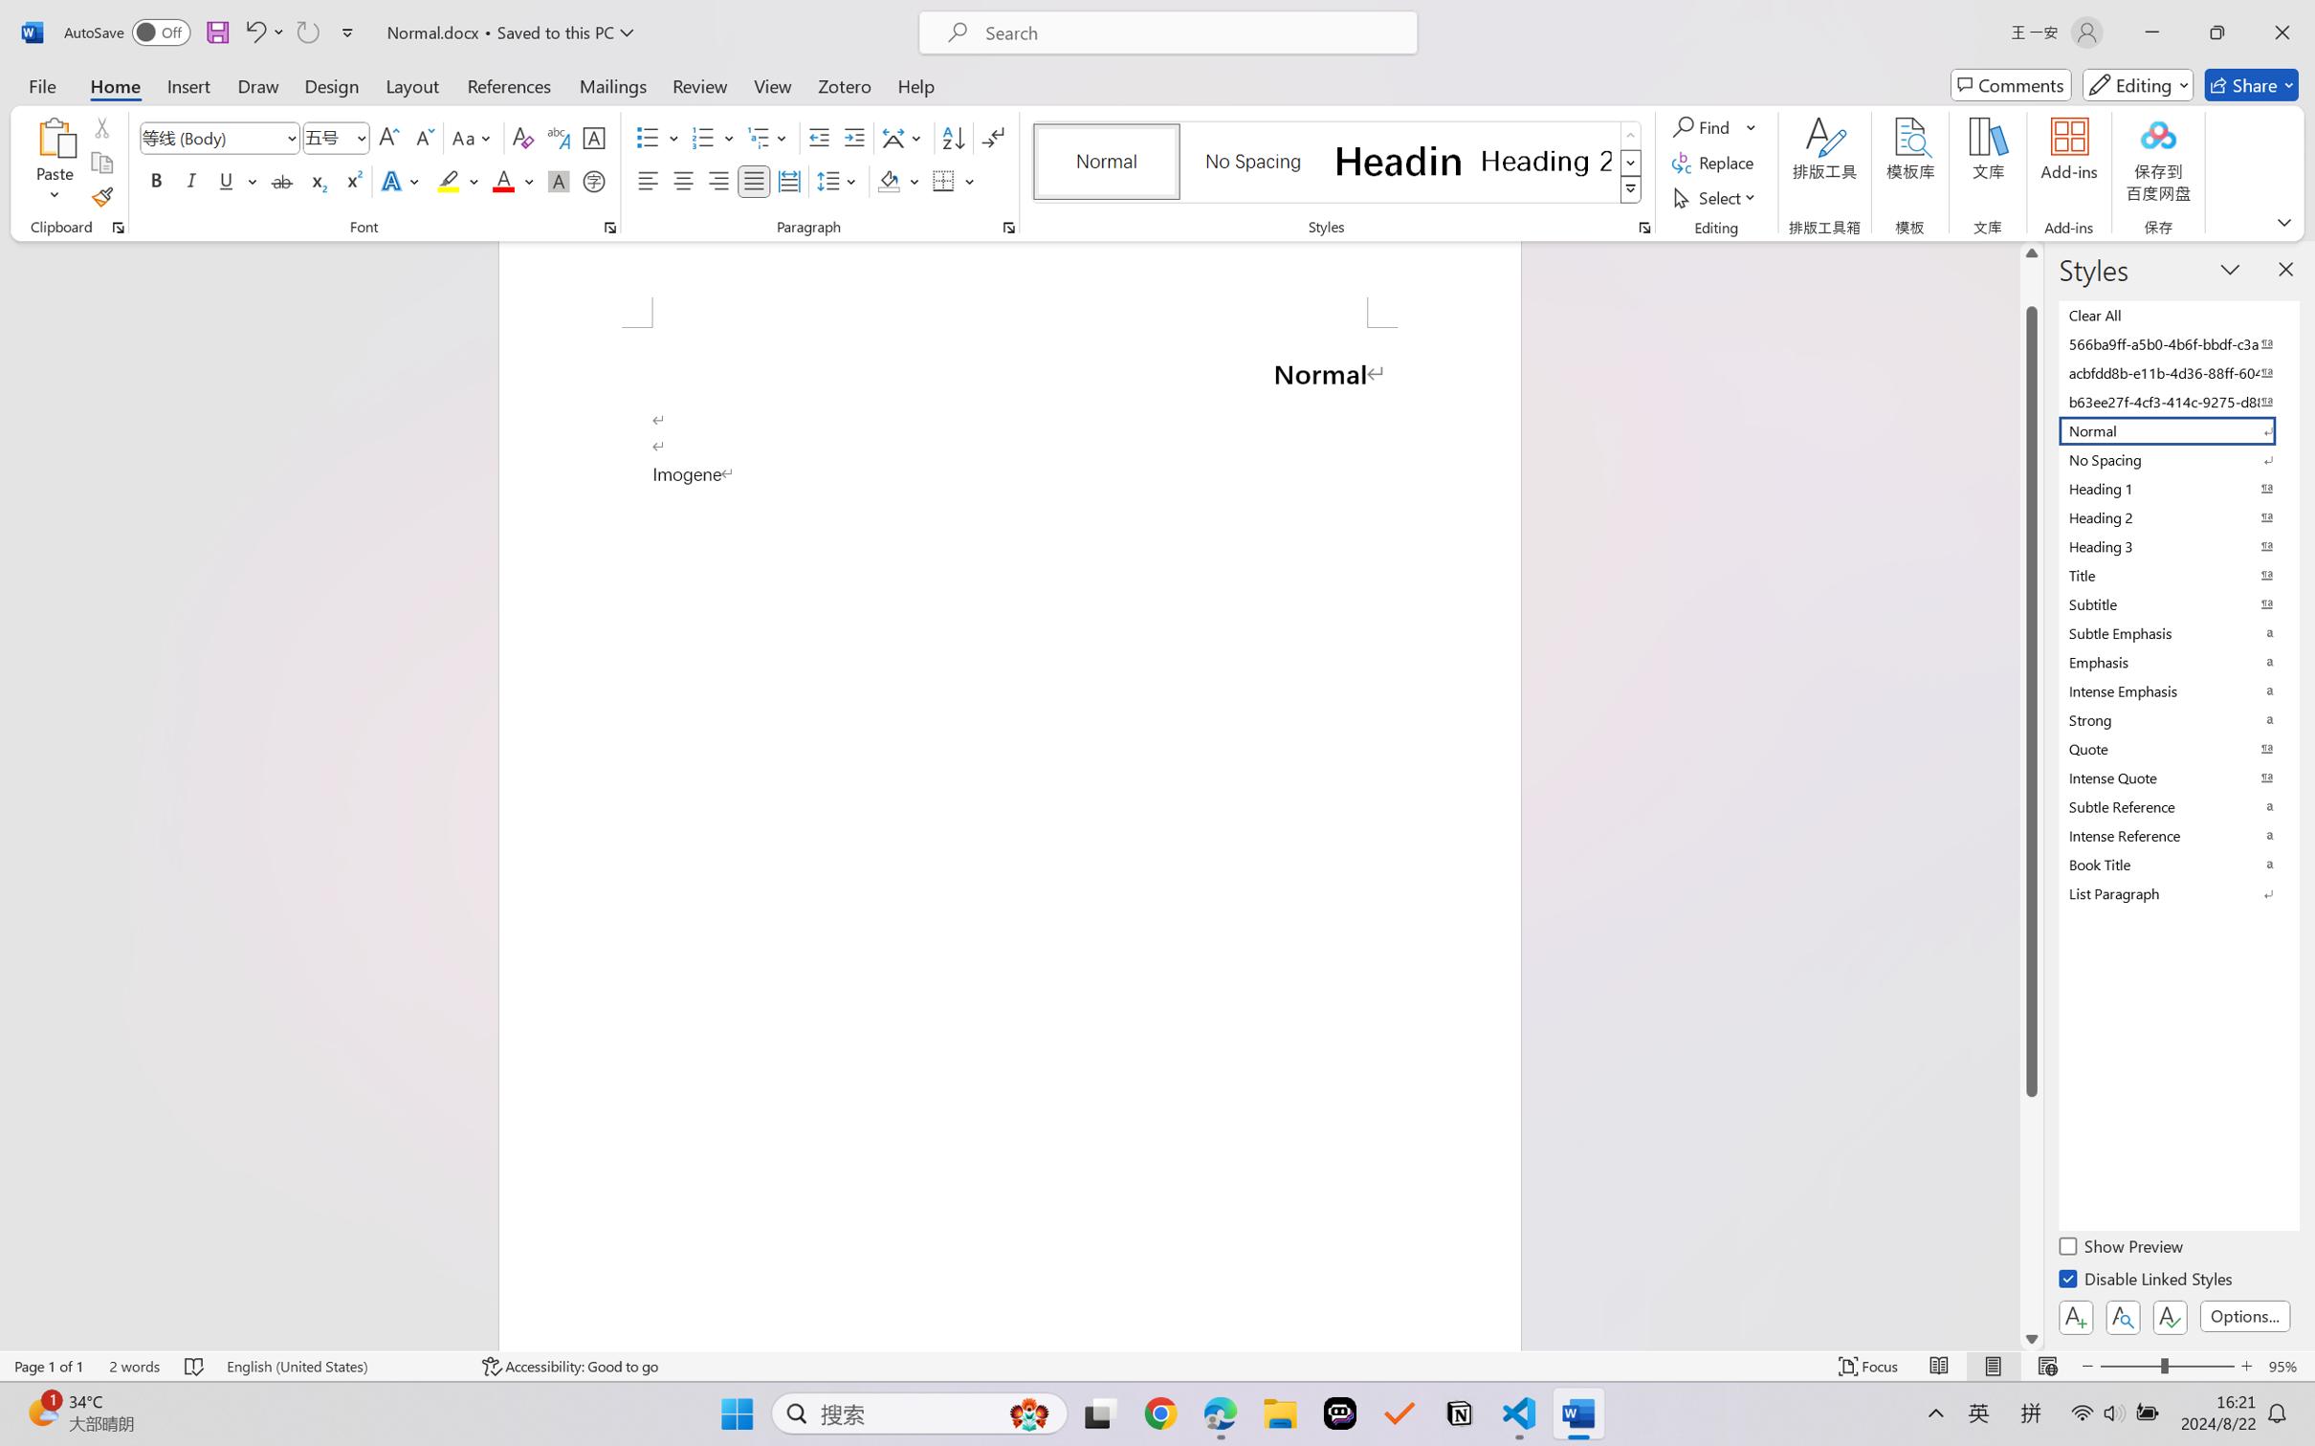 This screenshot has height=1446, width=2315. Describe the element at coordinates (448, 180) in the screenshot. I see `'Text Highlight Color Yellow'` at that location.